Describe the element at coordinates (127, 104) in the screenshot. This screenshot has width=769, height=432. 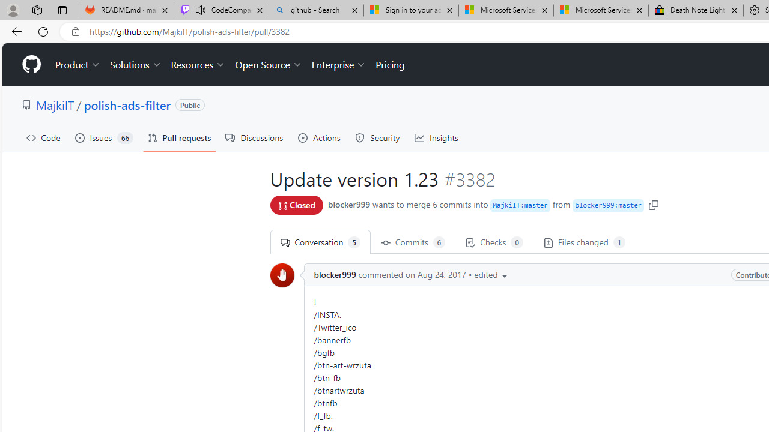
I see `'polish-ads-filter'` at that location.